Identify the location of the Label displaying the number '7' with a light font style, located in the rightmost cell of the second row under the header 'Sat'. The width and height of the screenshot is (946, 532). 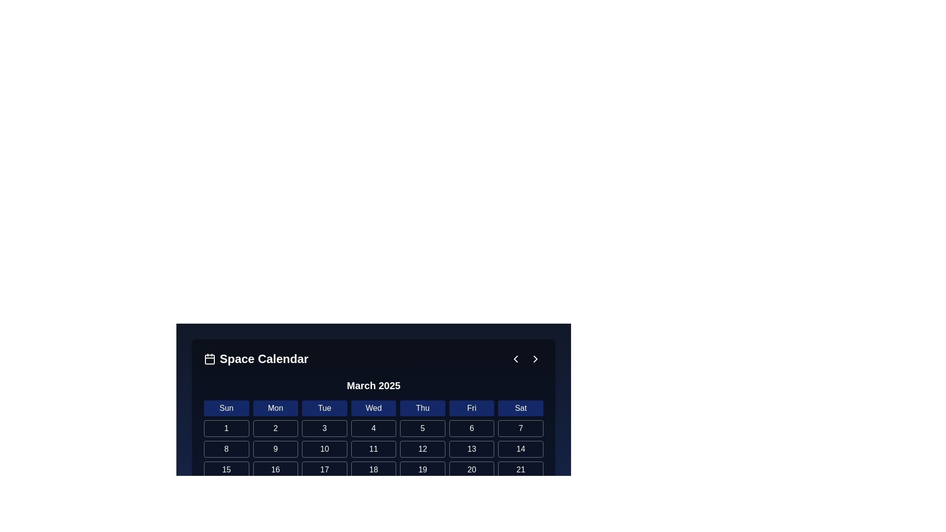
(520, 428).